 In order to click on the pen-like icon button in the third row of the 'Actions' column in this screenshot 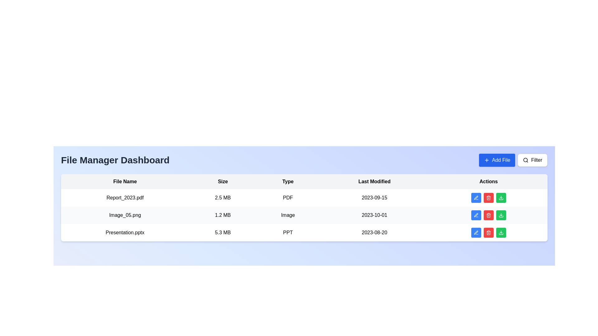, I will do `click(476, 233)`.